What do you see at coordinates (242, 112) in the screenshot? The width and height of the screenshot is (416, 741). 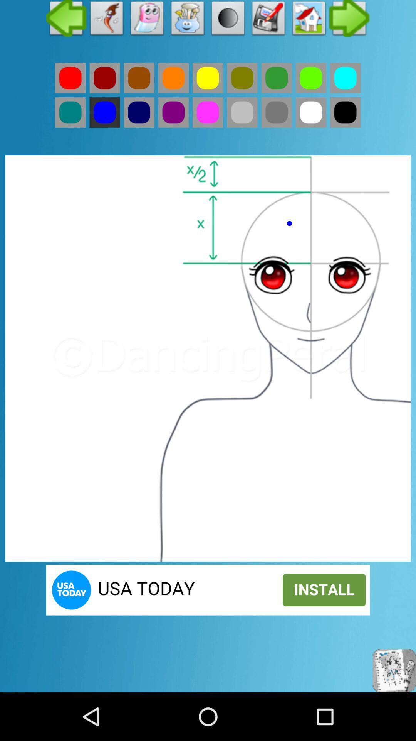 I see `light gray color` at bounding box center [242, 112].